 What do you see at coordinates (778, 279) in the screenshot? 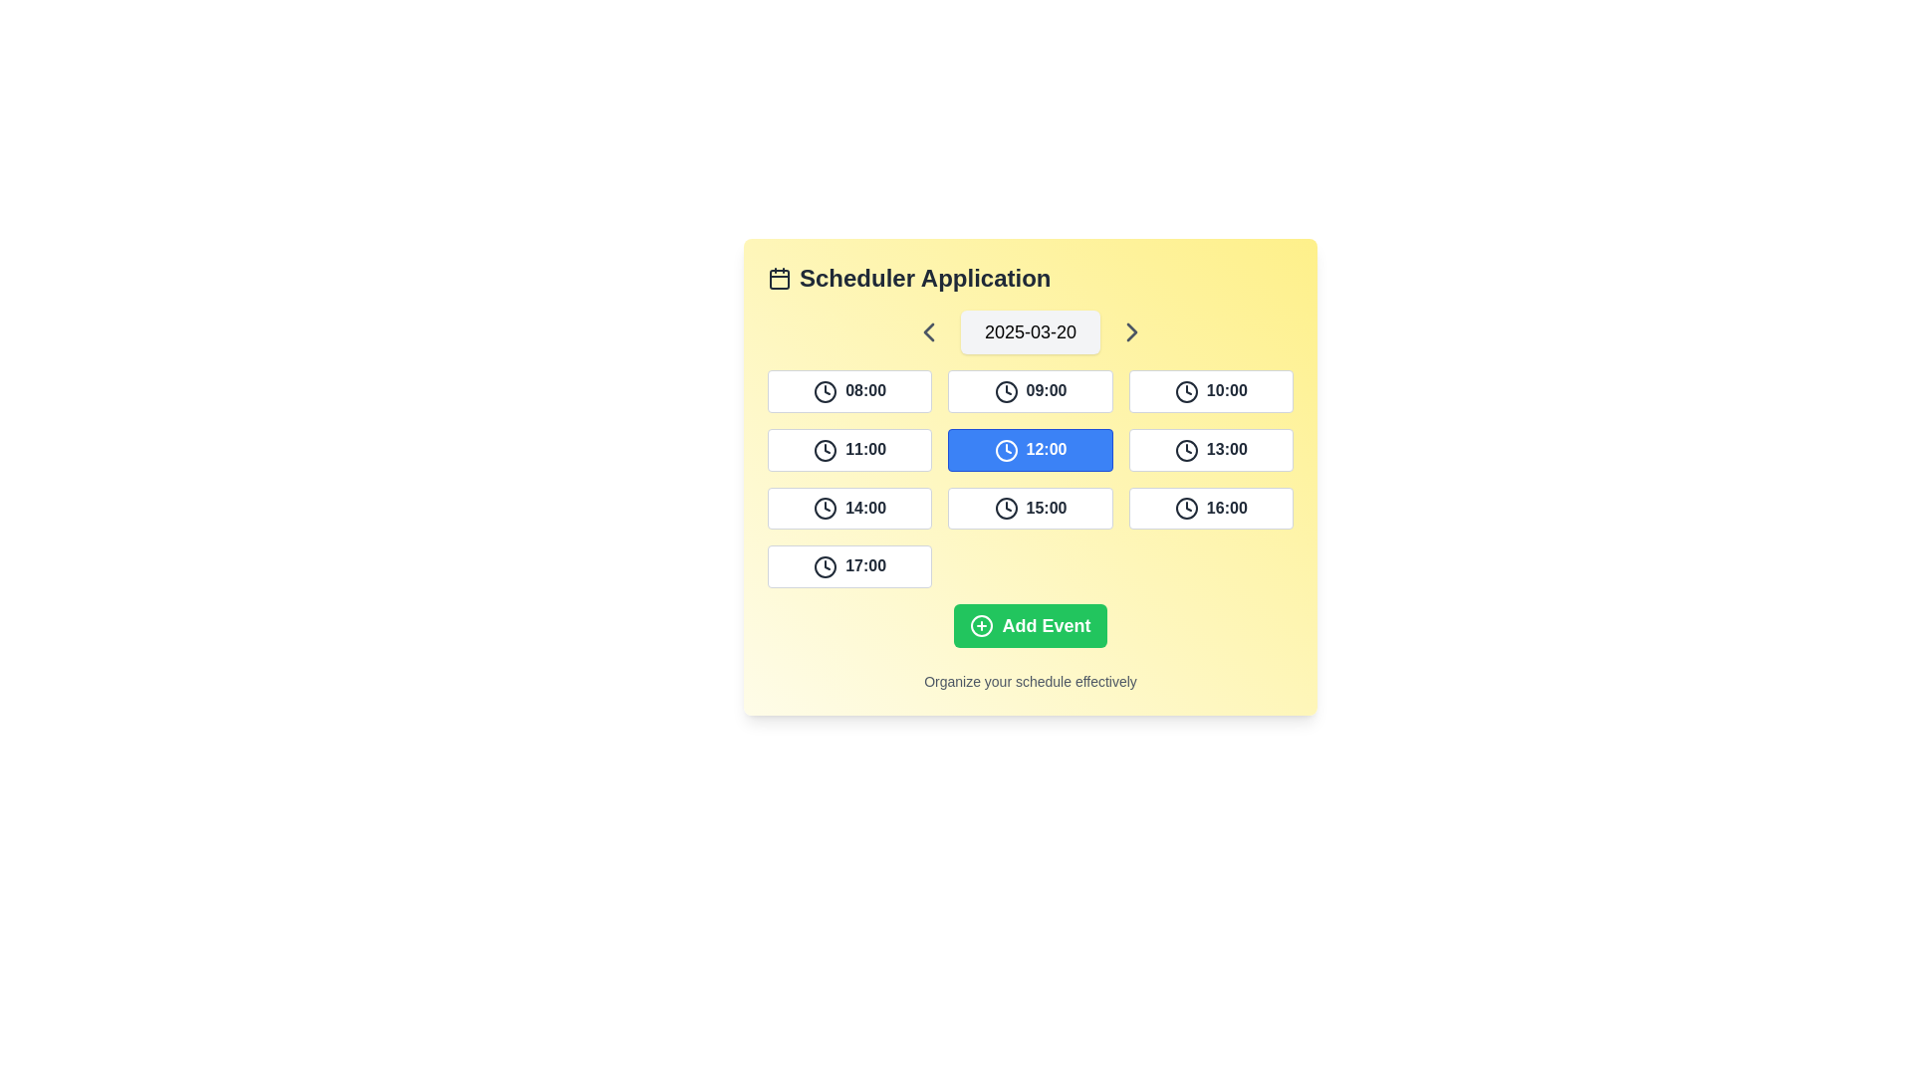
I see `the SVG Icon that indicates the theme of the Scheduler Application, positioned to the far left of the title section` at bounding box center [778, 279].